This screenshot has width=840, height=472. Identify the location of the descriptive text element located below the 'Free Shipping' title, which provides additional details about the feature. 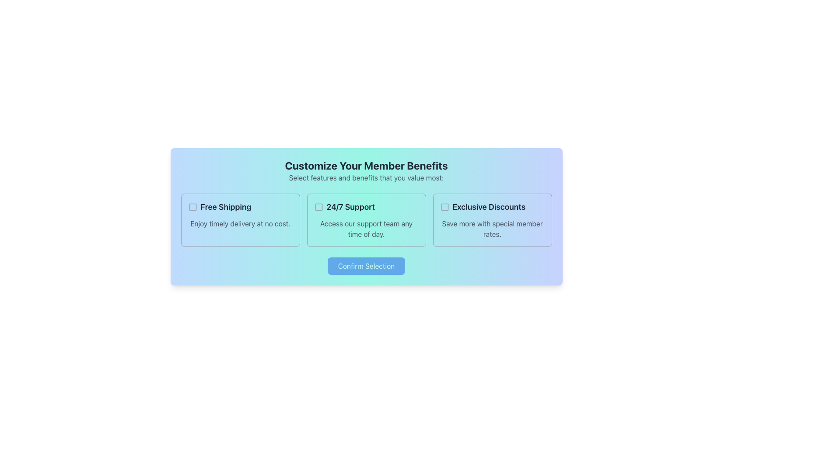
(240, 223).